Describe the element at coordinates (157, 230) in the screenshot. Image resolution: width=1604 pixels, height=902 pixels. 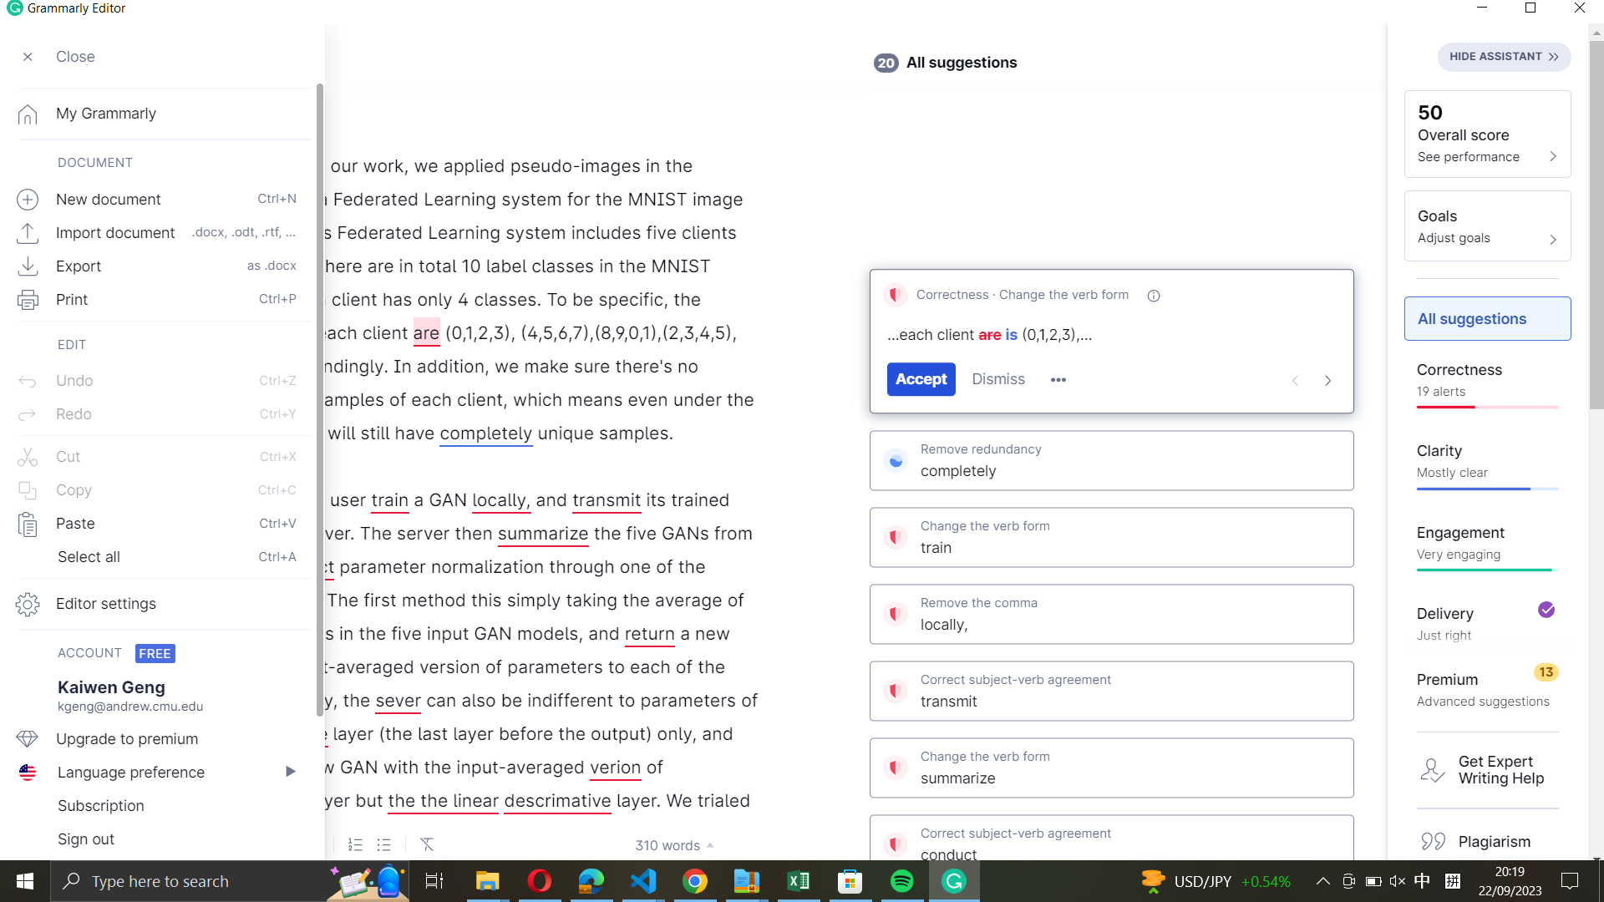
I see `Import the document` at that location.